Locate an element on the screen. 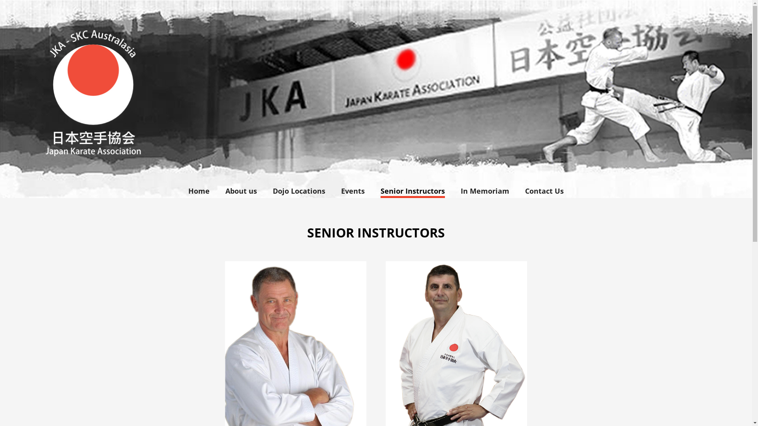 This screenshot has height=426, width=758. 'About us' is located at coordinates (240, 191).